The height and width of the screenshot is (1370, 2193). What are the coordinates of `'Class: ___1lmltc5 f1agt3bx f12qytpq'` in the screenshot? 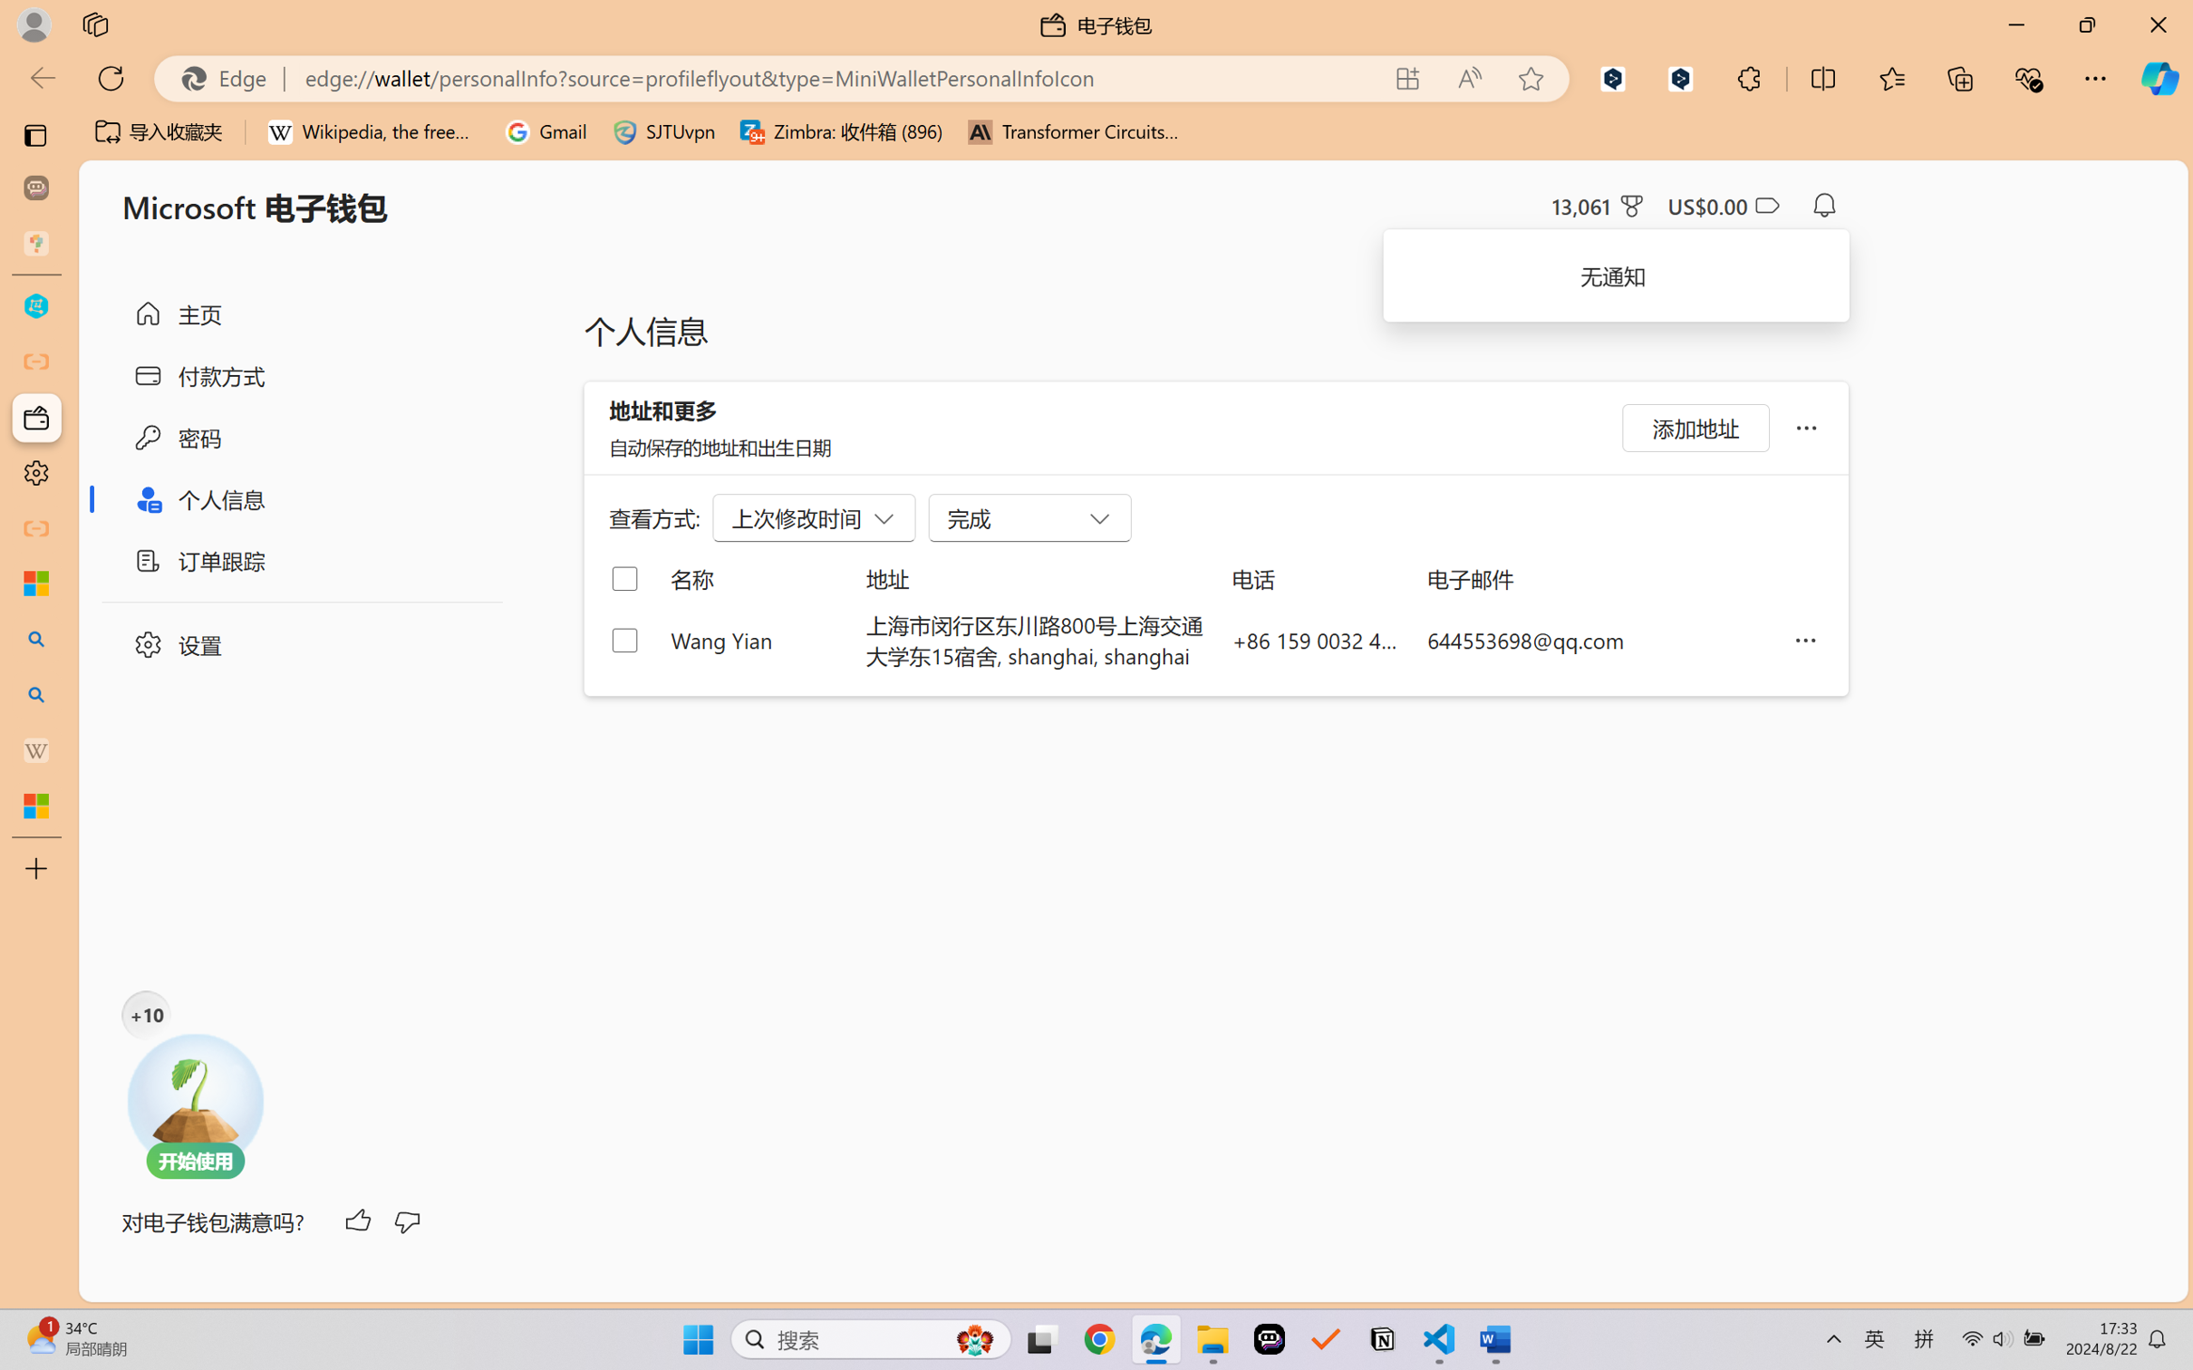 It's located at (1765, 206).